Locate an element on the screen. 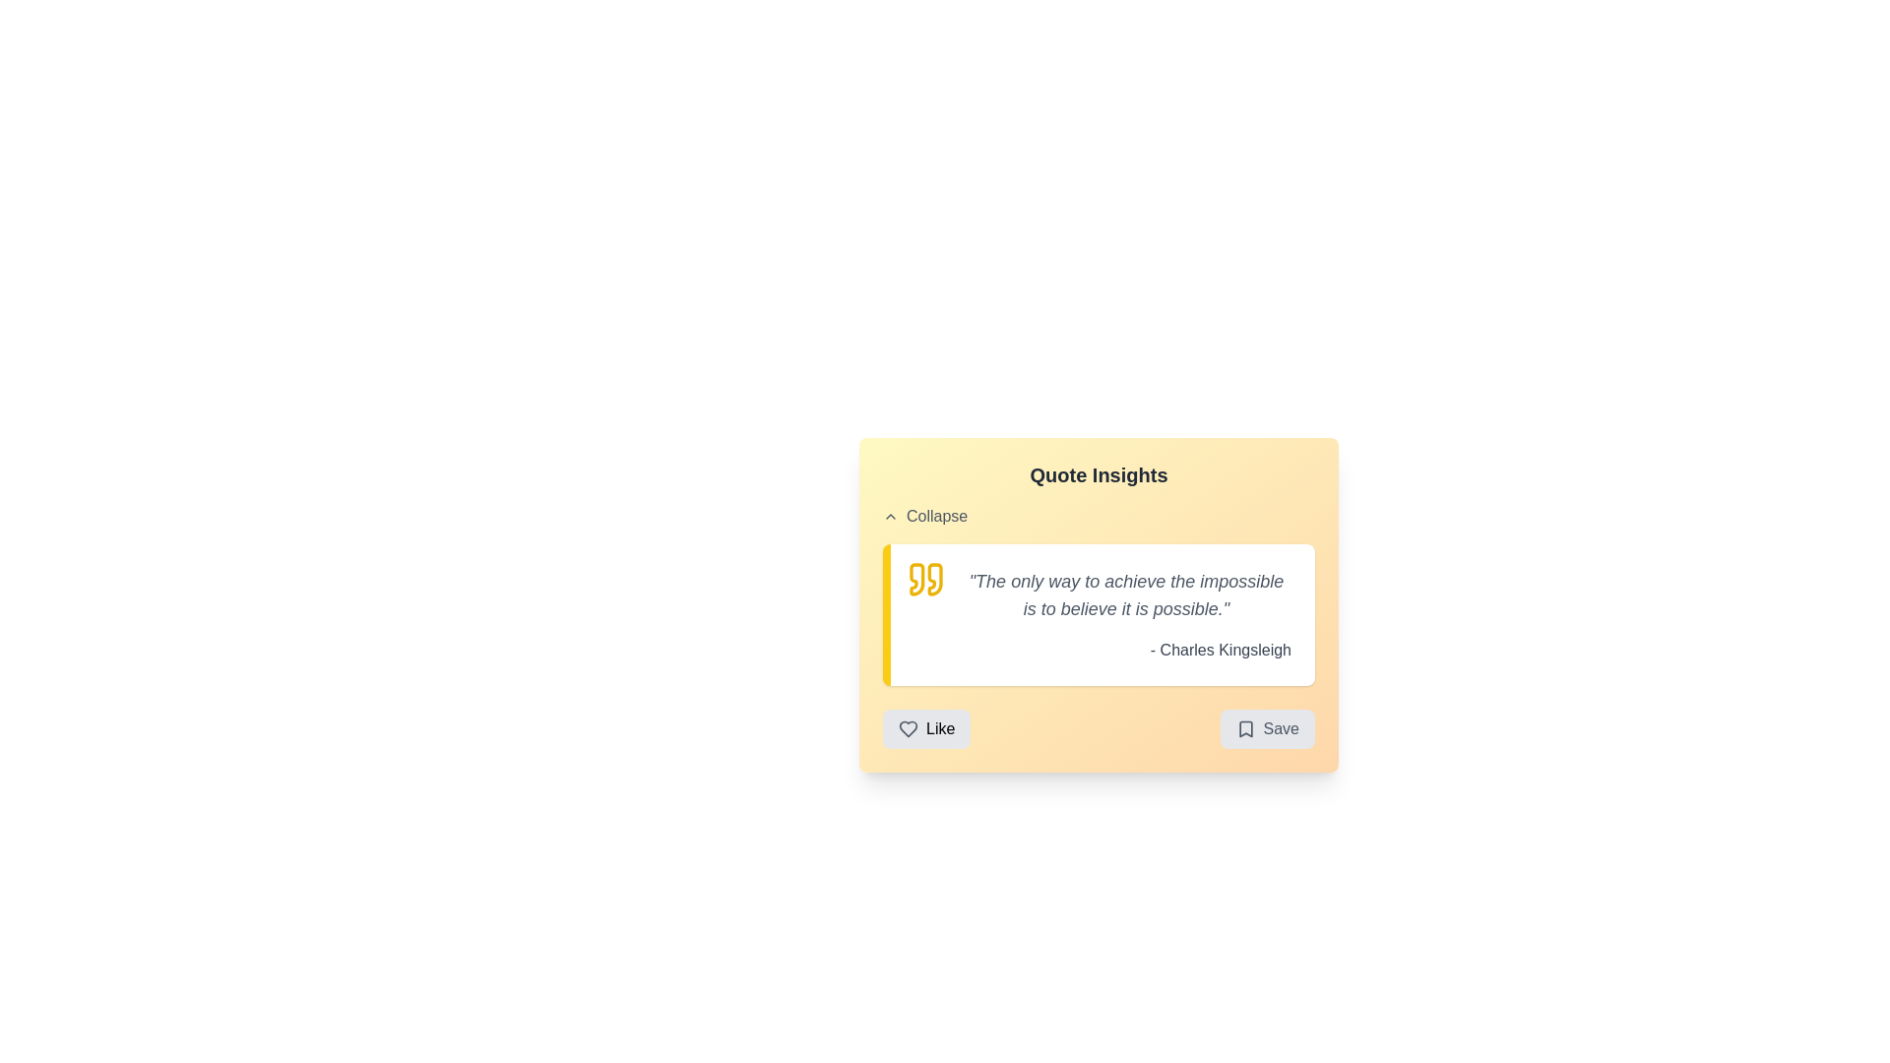 The width and height of the screenshot is (1890, 1063). the bookmark icon within the 'Save' button is located at coordinates (1244, 728).